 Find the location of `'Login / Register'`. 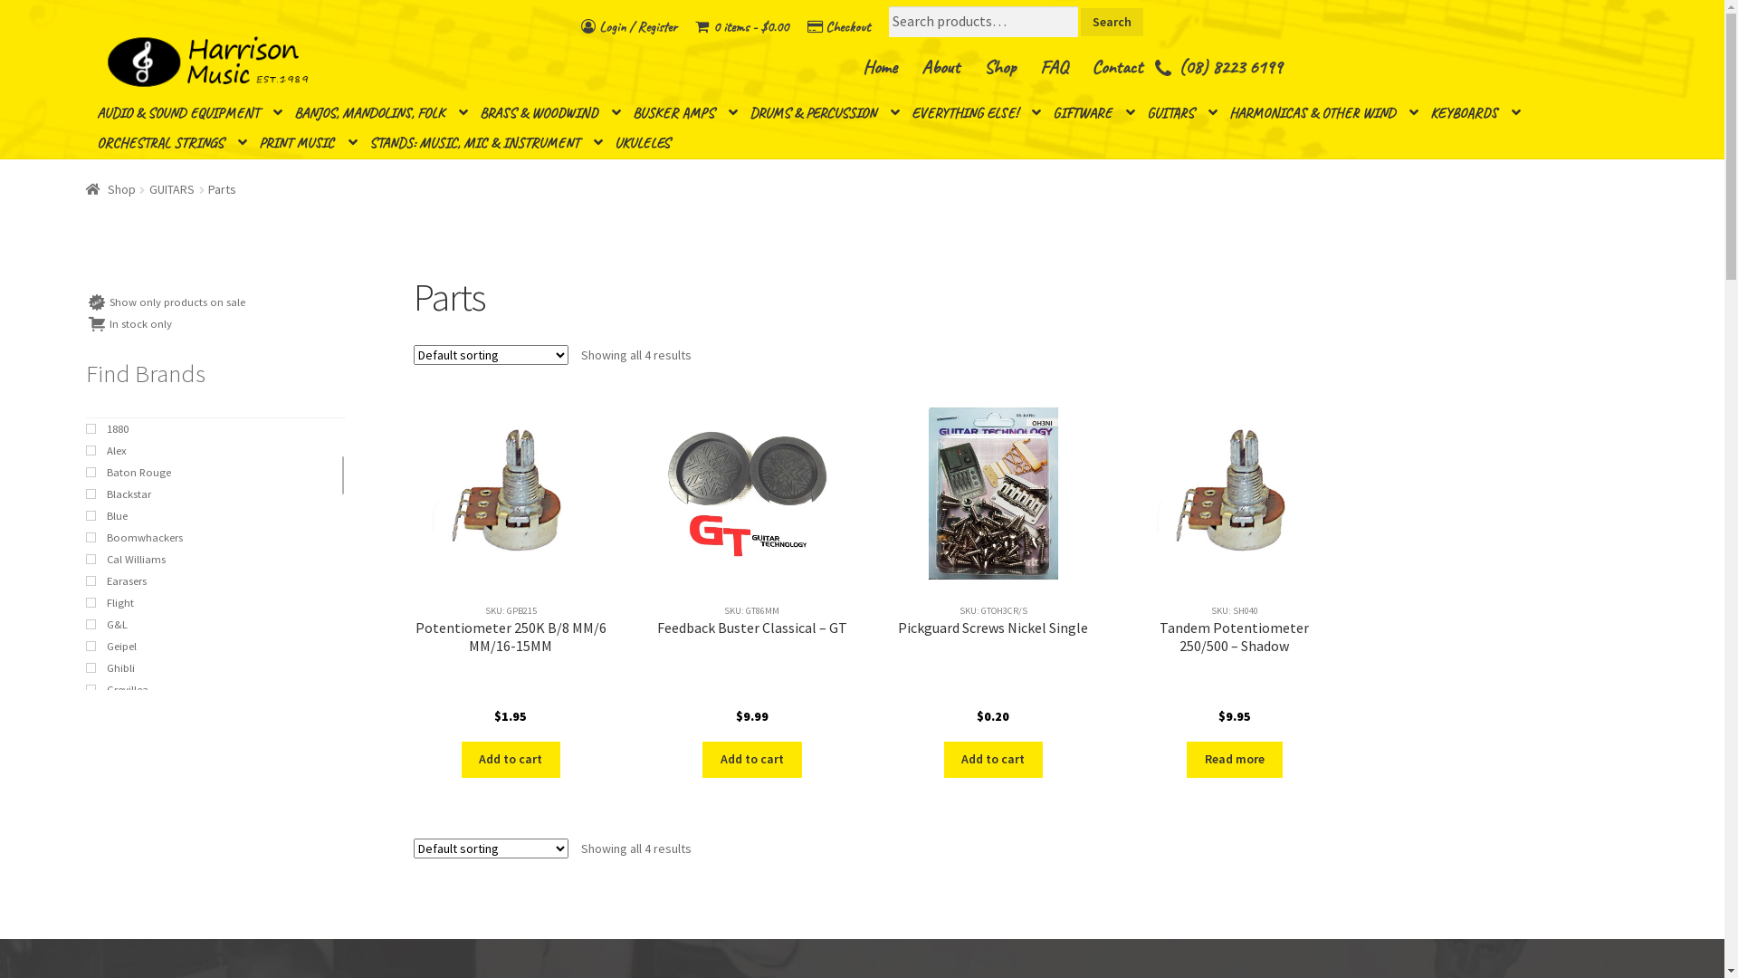

'Login / Register' is located at coordinates (629, 27).